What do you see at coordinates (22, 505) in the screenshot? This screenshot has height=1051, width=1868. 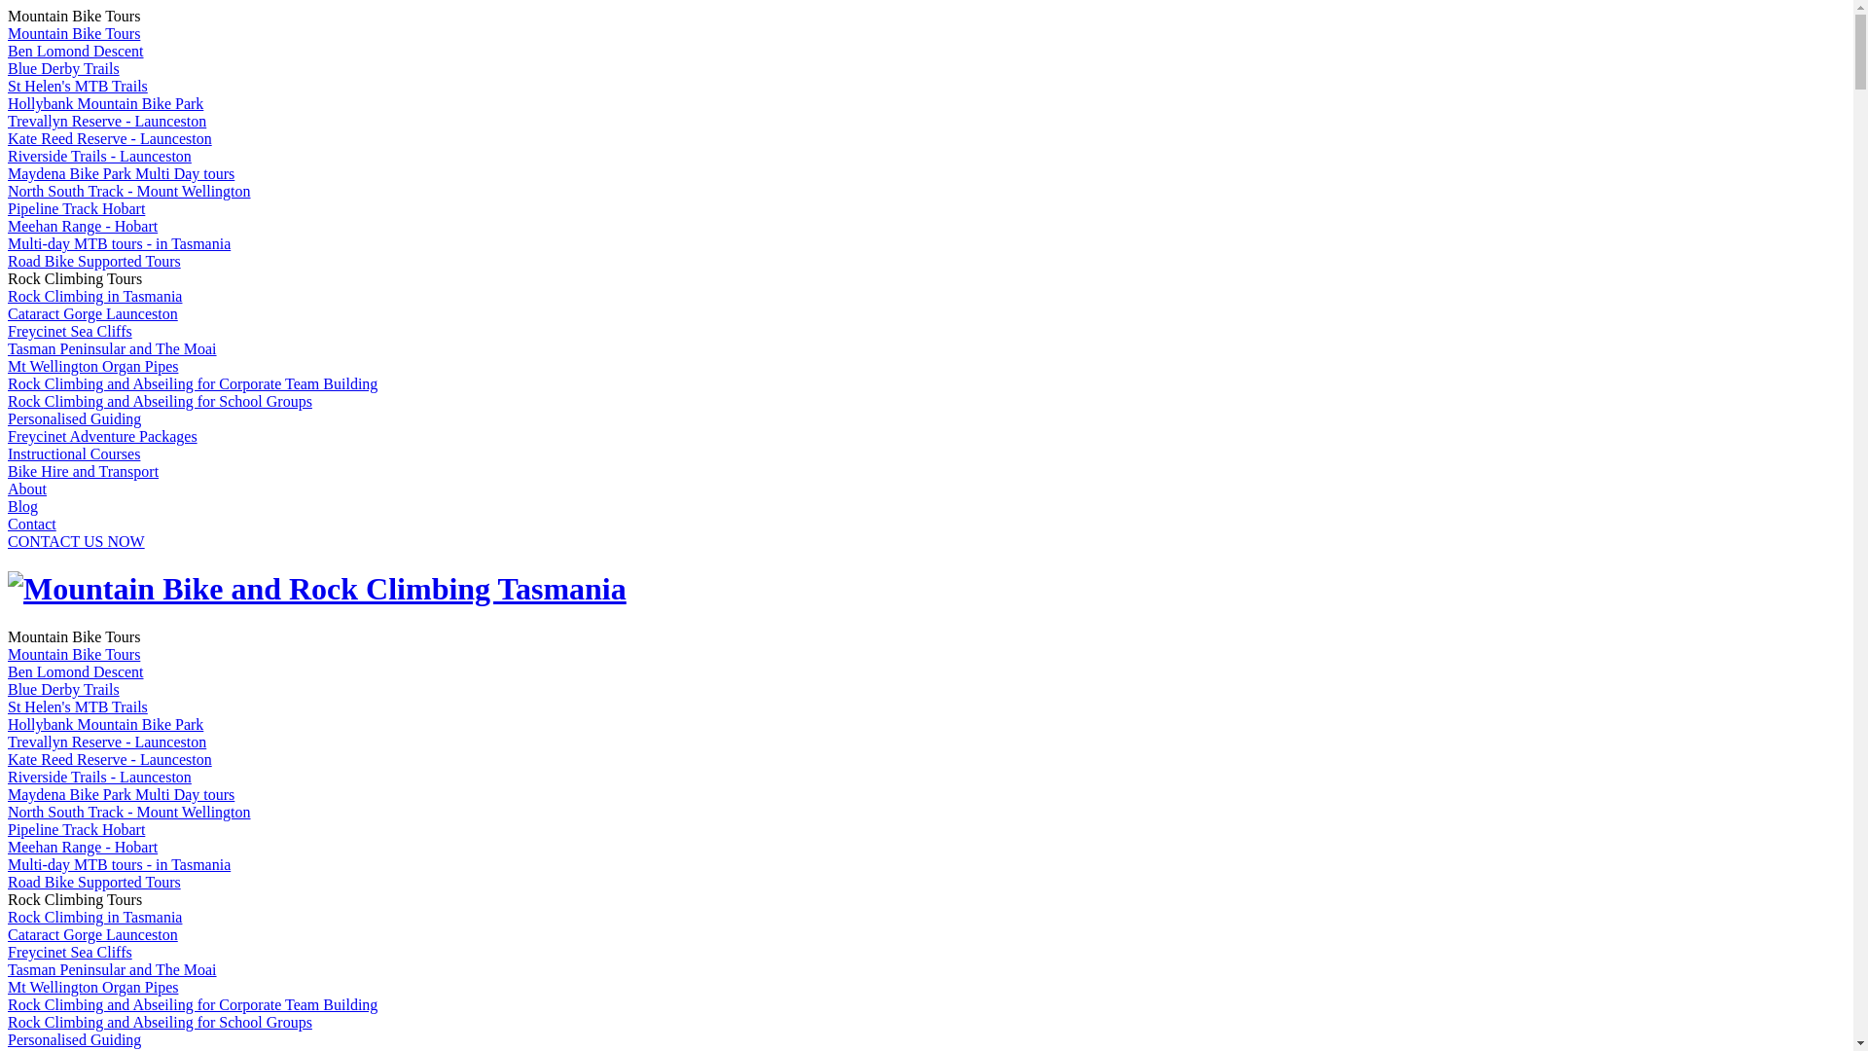 I see `'Blog'` at bounding box center [22, 505].